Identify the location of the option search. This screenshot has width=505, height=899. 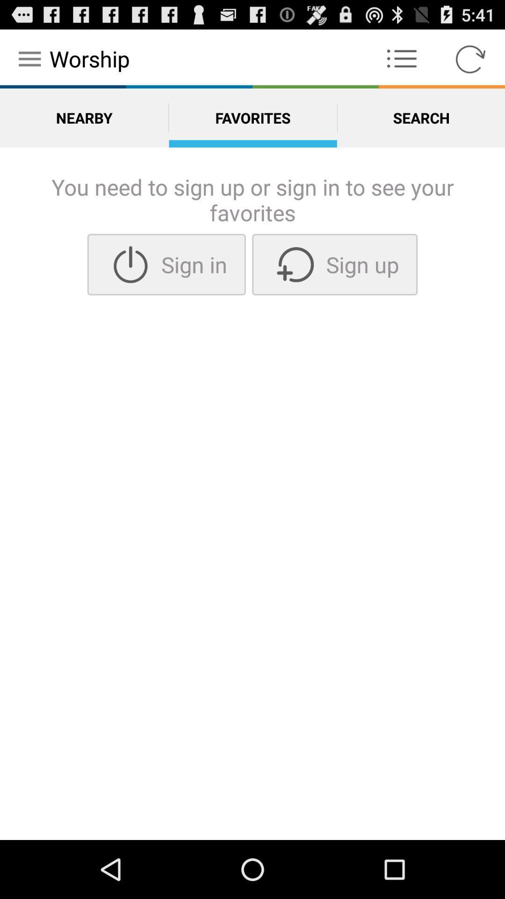
(421, 118).